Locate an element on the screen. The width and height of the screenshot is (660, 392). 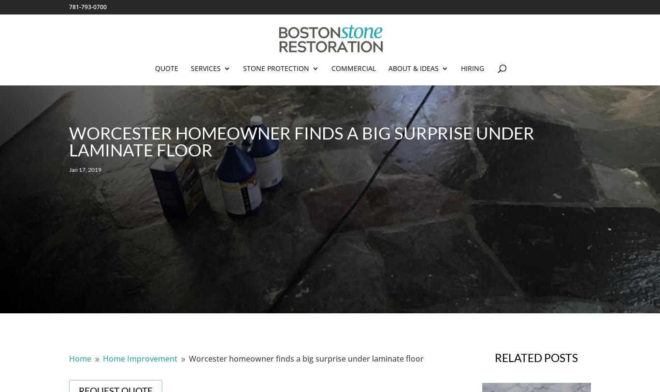
'Reviews' is located at coordinates (421, 164).